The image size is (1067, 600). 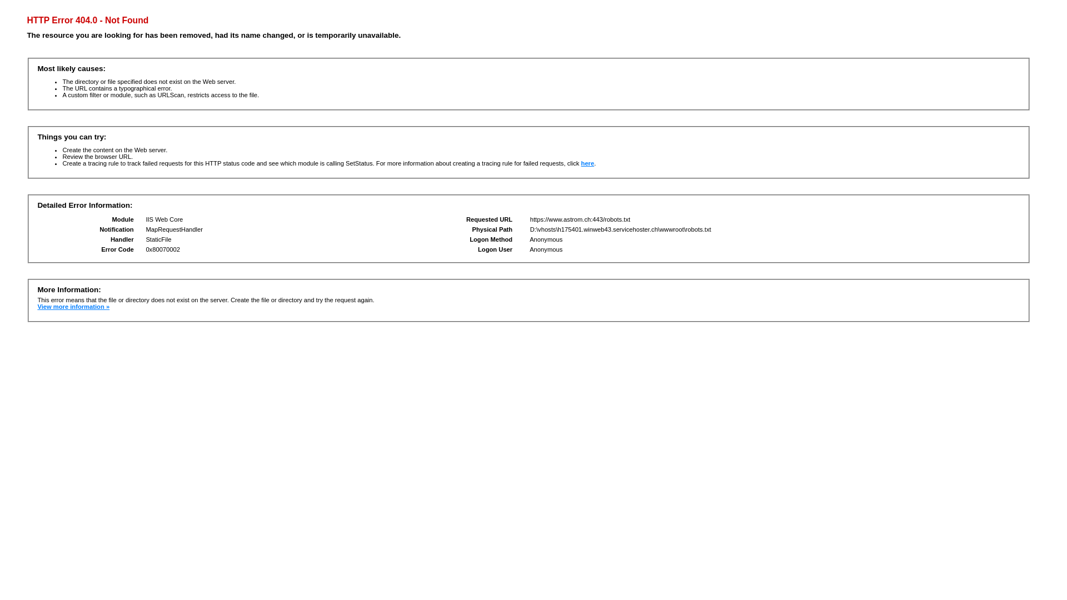 What do you see at coordinates (581, 163) in the screenshot?
I see `'here'` at bounding box center [581, 163].